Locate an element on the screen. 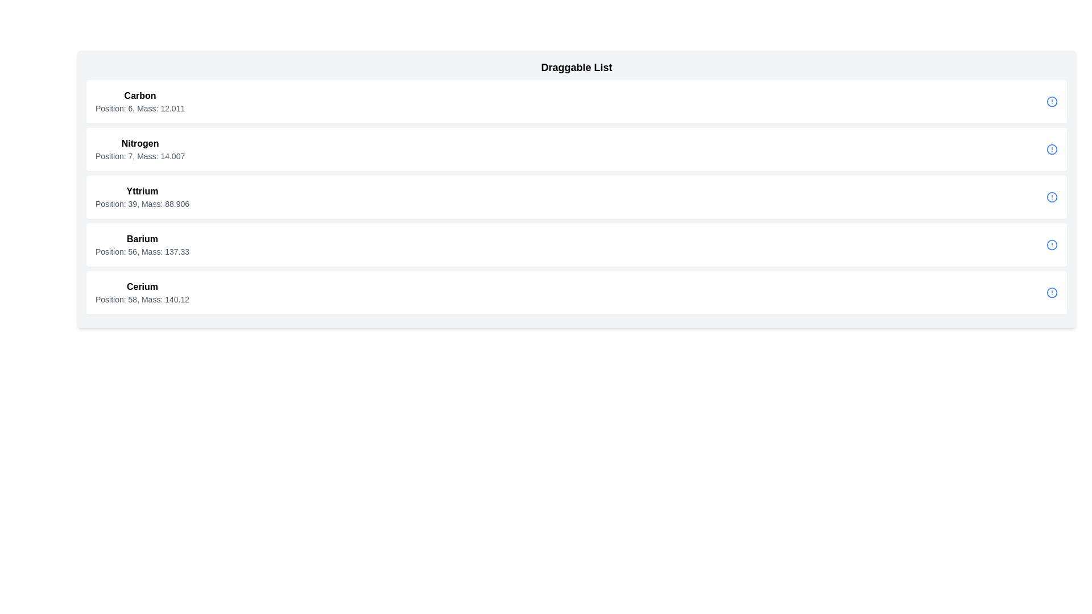 This screenshot has width=1092, height=614. the fourth card in the 'Draggable List' section, which displays 'Barium' and its details is located at coordinates (576, 244).